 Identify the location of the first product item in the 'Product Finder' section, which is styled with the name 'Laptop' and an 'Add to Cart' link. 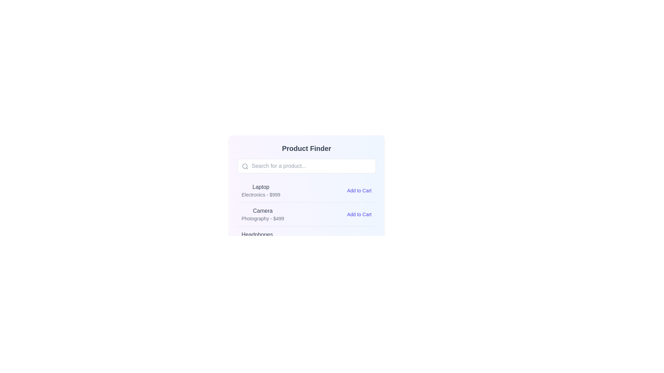
(306, 190).